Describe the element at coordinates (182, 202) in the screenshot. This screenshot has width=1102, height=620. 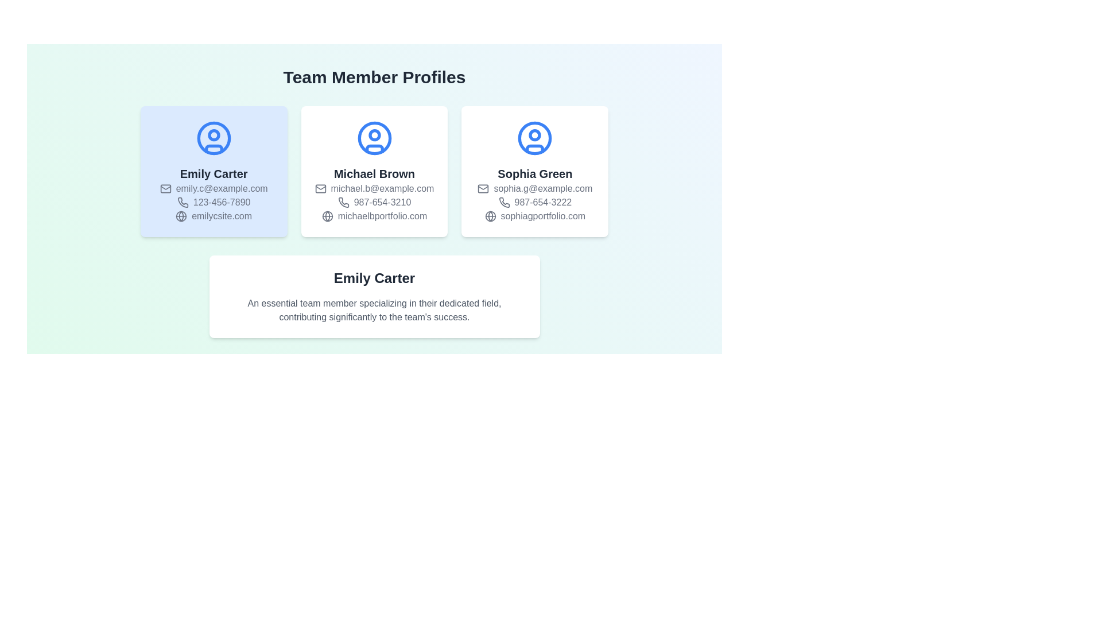
I see `the phone icon located in the leftmost profile card under the name 'Emily Carter,' which indicates the telephone number '123-456-7890.'` at that location.